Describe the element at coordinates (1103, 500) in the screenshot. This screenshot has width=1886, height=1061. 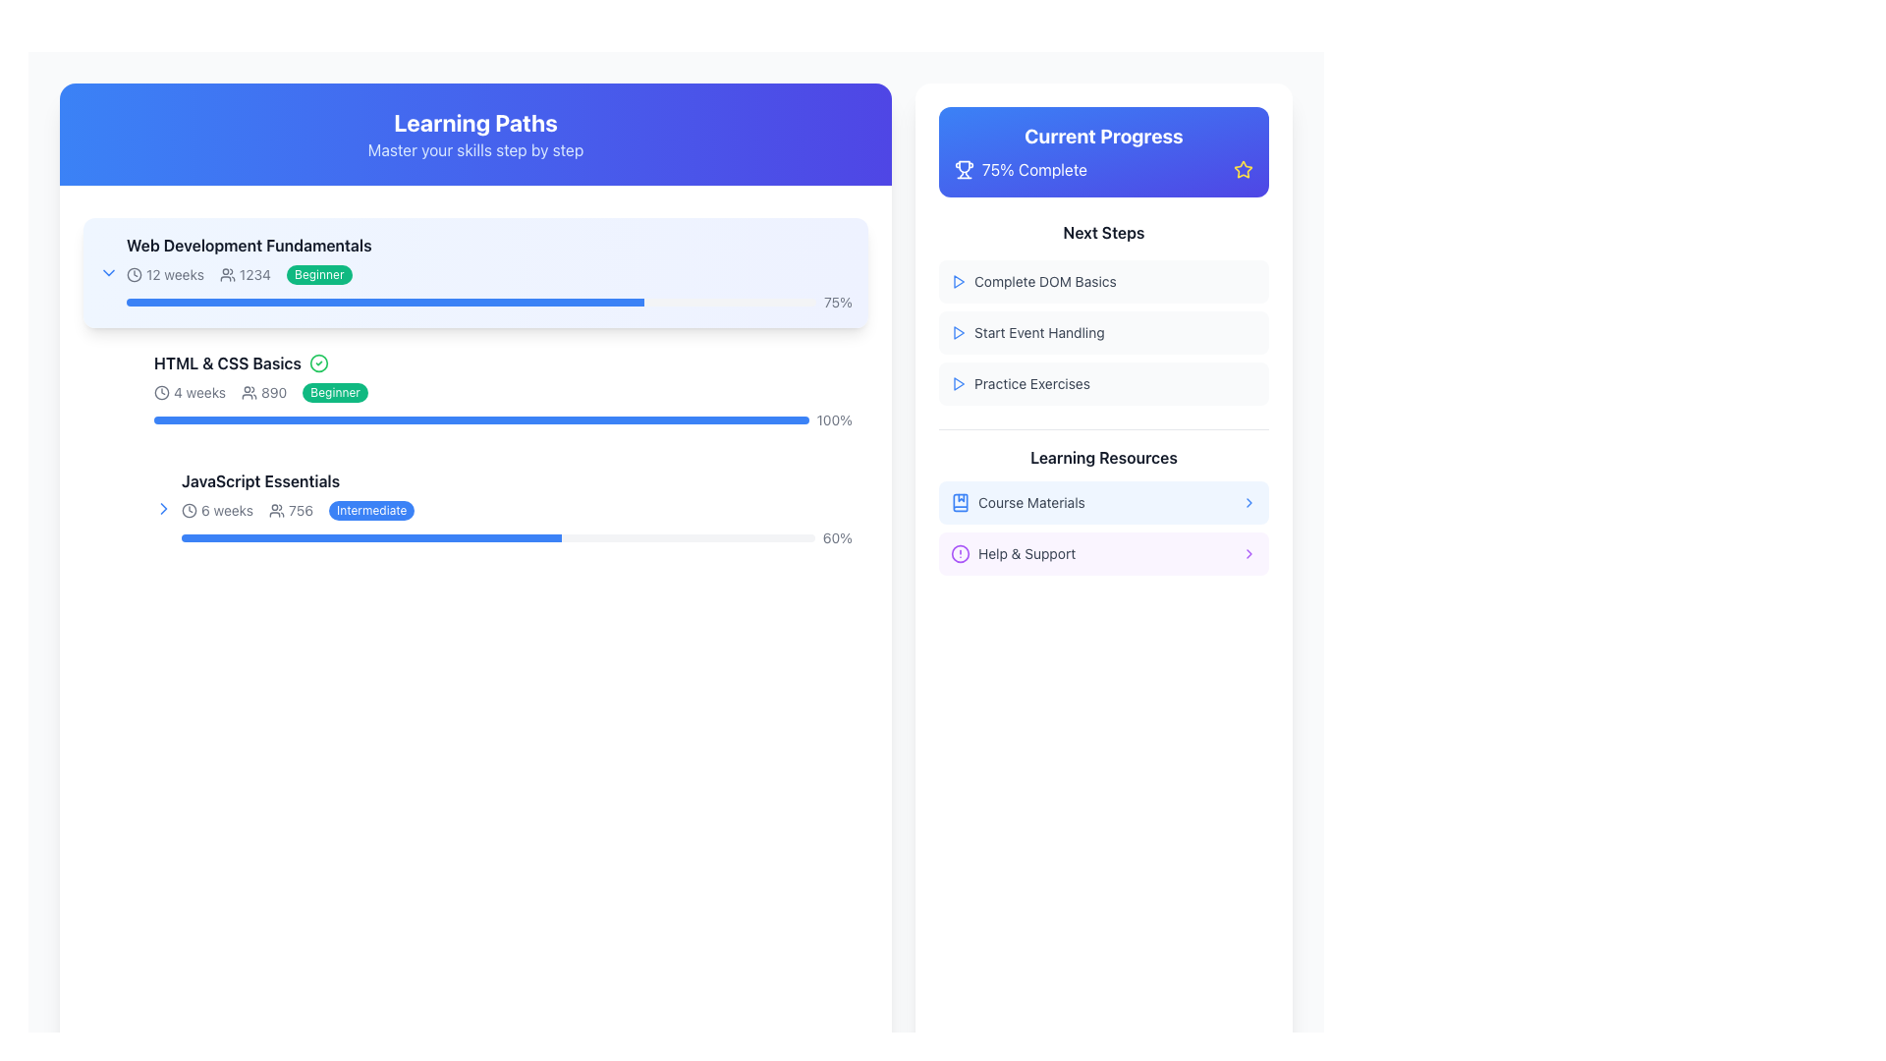
I see `the 'Learning Resources' navigation menu` at that location.